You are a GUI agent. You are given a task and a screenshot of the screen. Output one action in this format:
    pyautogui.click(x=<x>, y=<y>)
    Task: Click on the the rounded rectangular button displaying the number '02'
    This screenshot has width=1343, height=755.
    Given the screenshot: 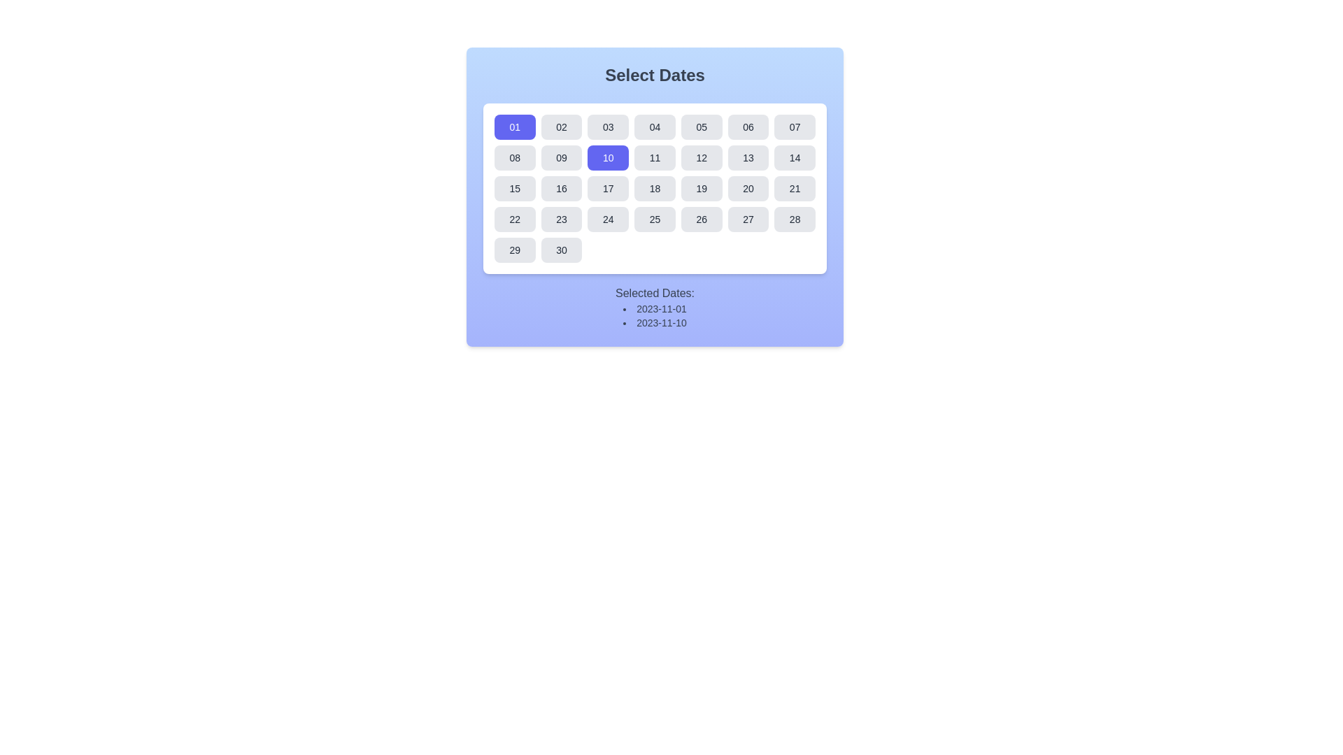 What is the action you would take?
    pyautogui.click(x=562, y=127)
    